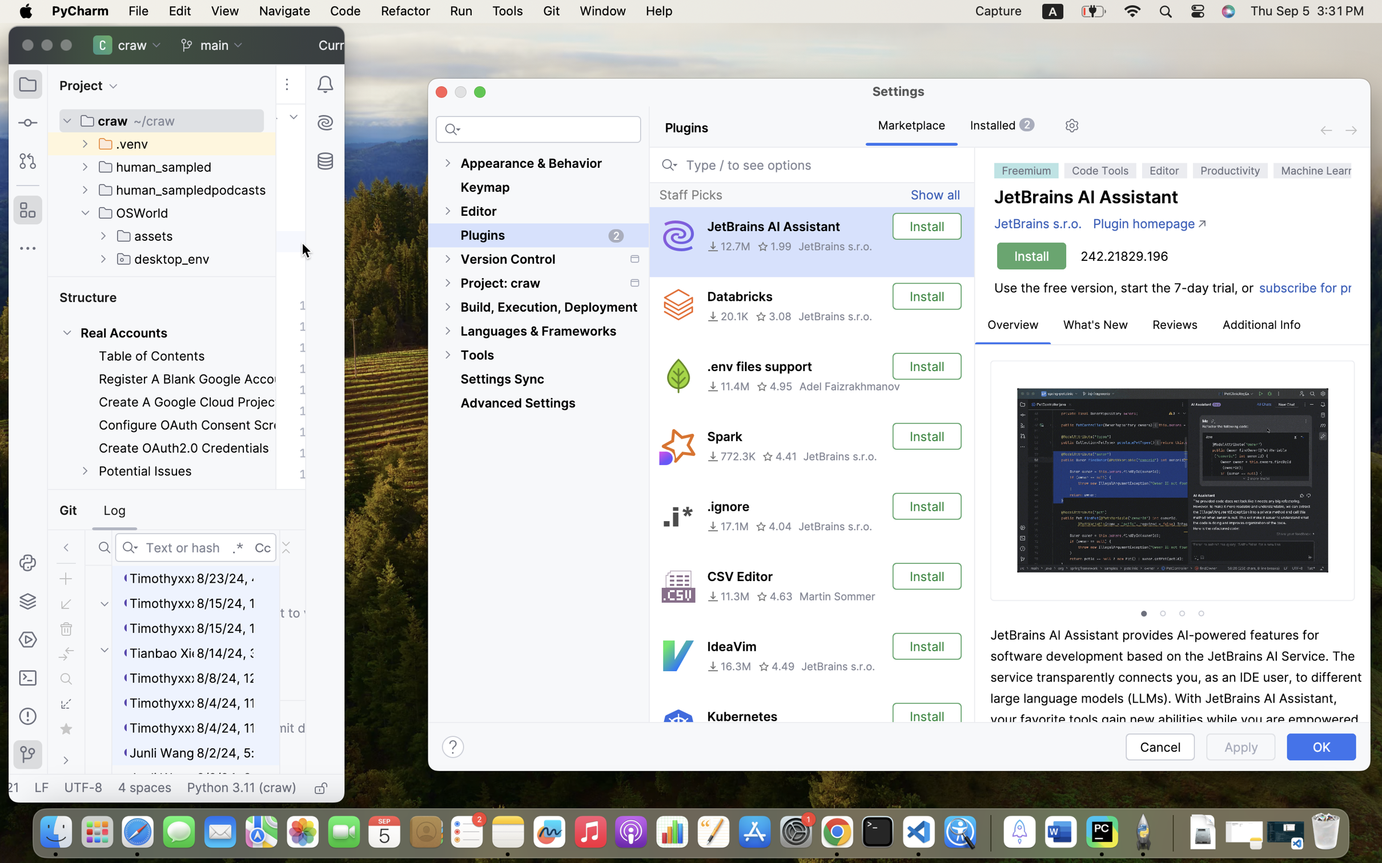  I want to click on '3.08', so click(773, 316).